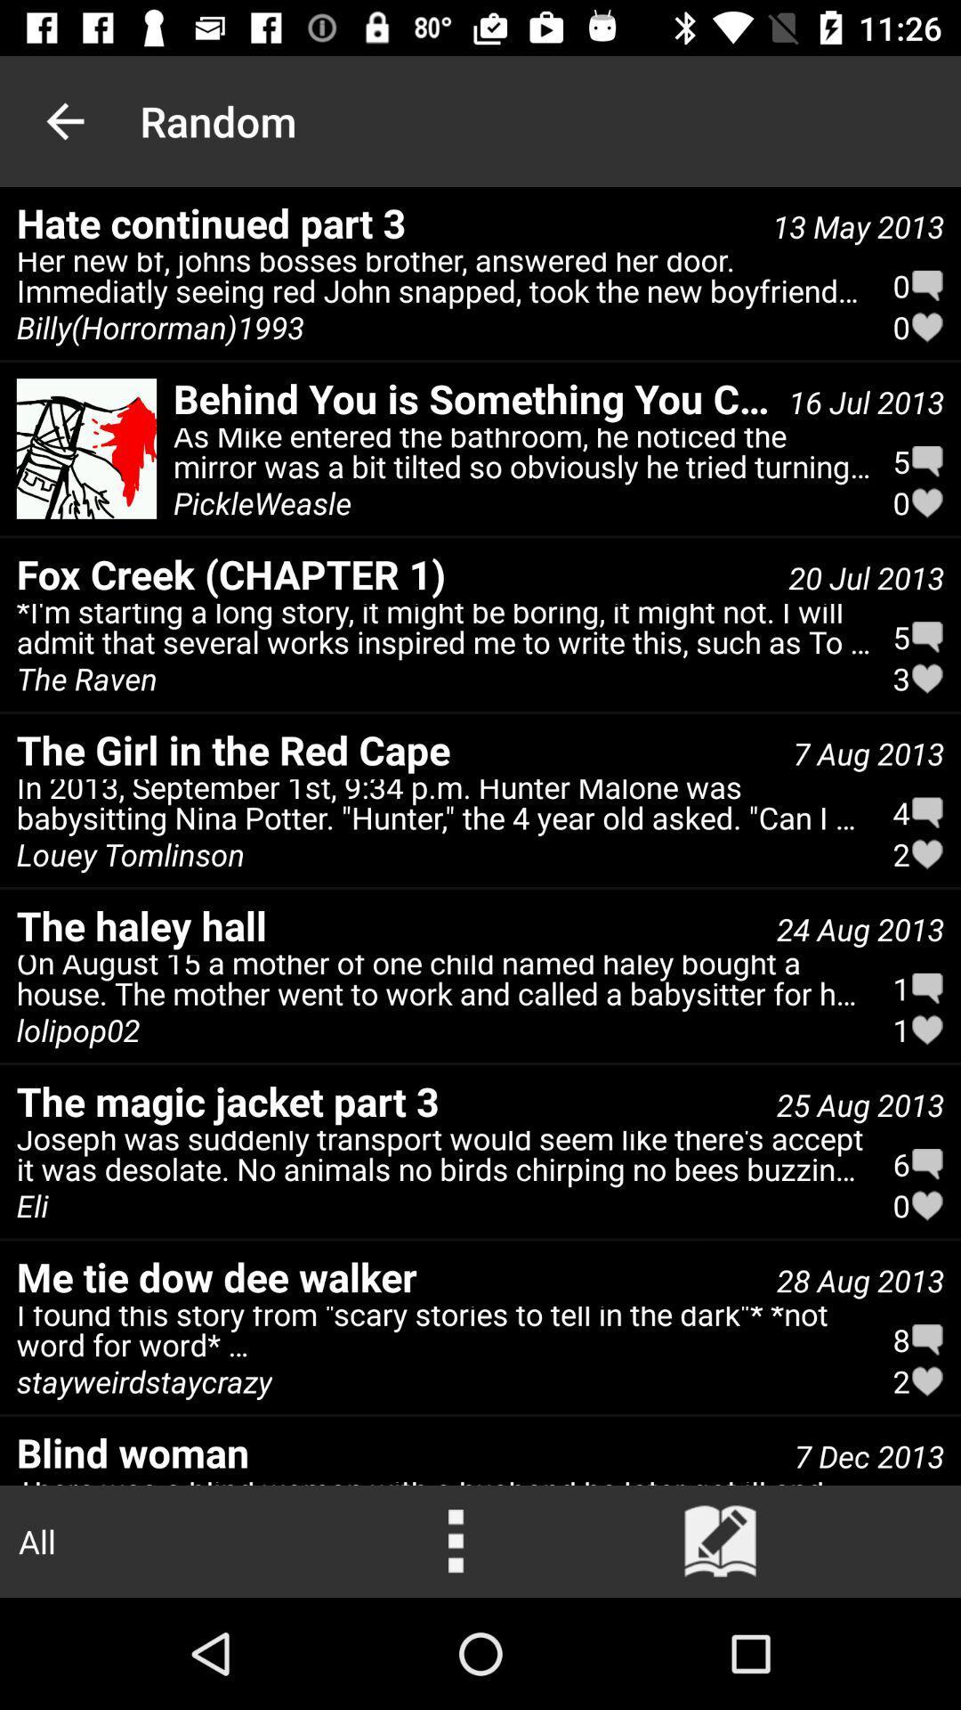  Describe the element at coordinates (721, 1541) in the screenshot. I see `the item below there was a icon` at that location.